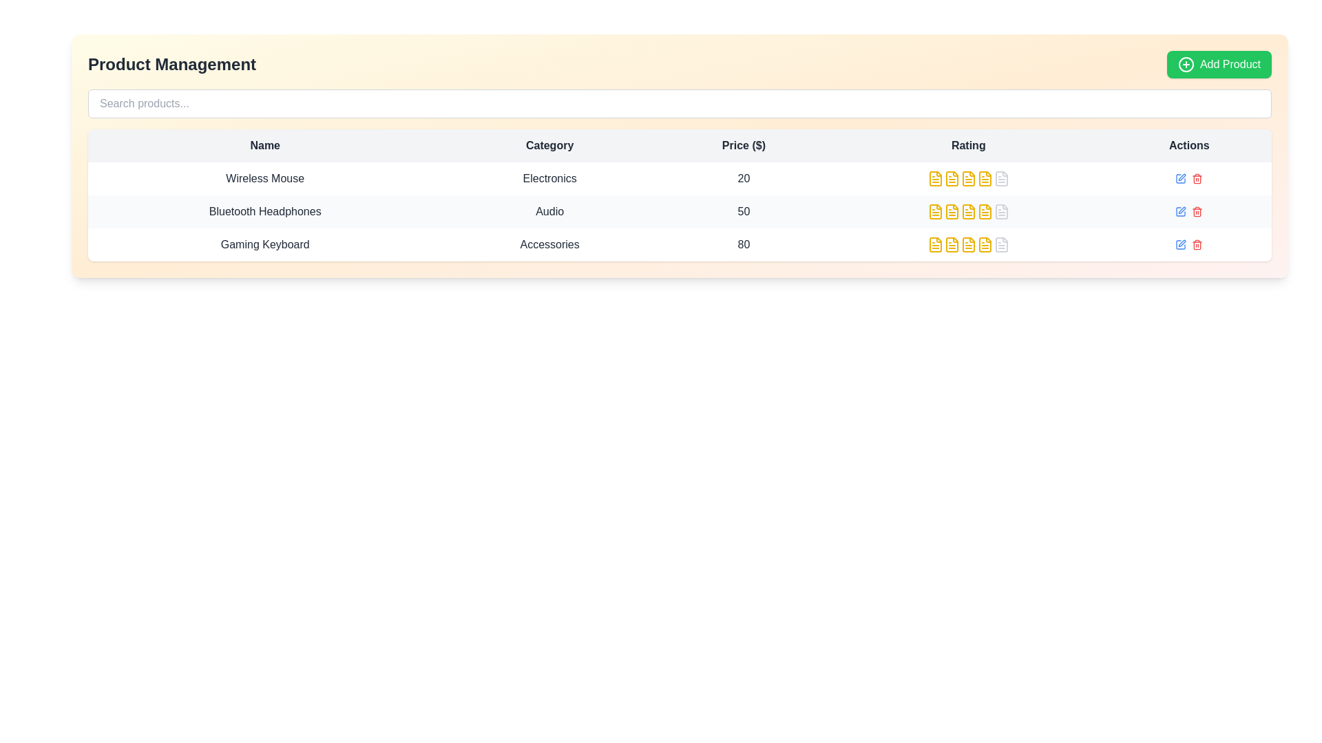 The image size is (1322, 743). Describe the element at coordinates (935, 212) in the screenshot. I see `the document icon with a yellow outline located in the 'Rating' column of the second row for the 'Bluetooth Headphones' product` at that location.